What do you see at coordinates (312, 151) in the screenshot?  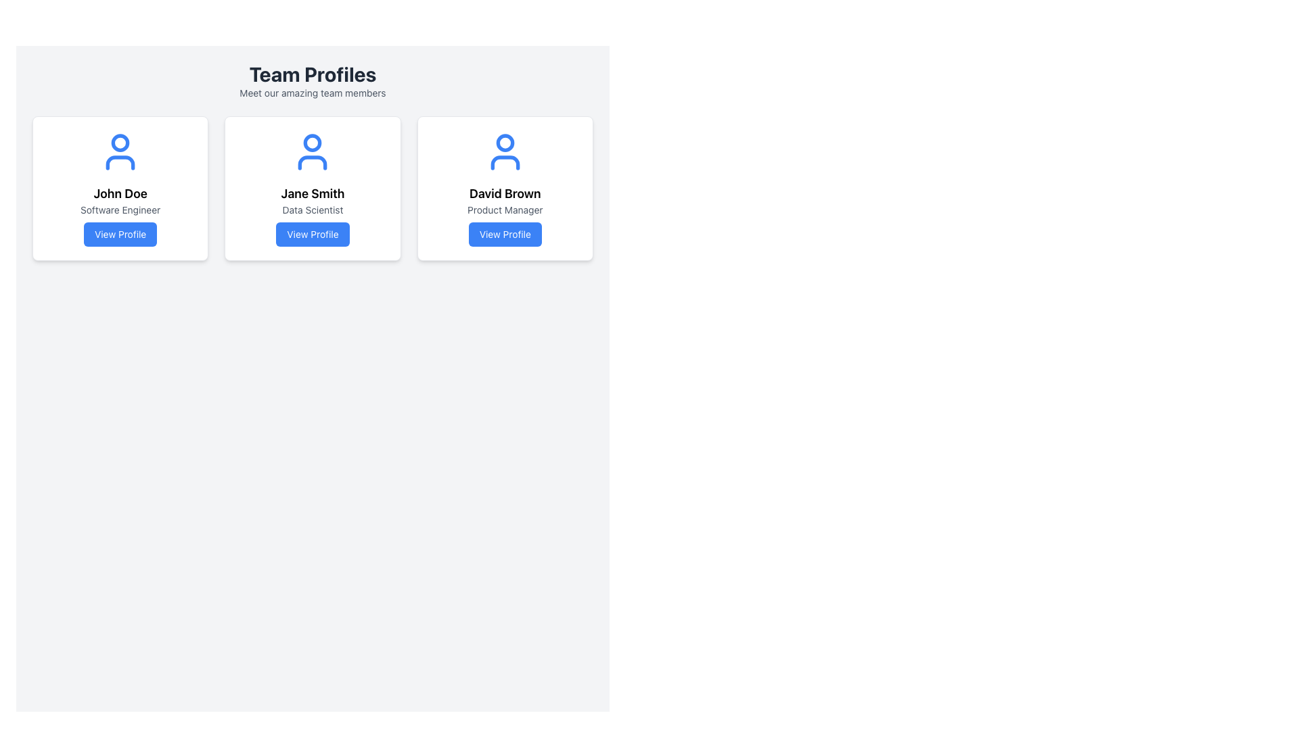 I see `the user icon representing Jane Smith's profile in the profile card, located at the center of the interface` at bounding box center [312, 151].